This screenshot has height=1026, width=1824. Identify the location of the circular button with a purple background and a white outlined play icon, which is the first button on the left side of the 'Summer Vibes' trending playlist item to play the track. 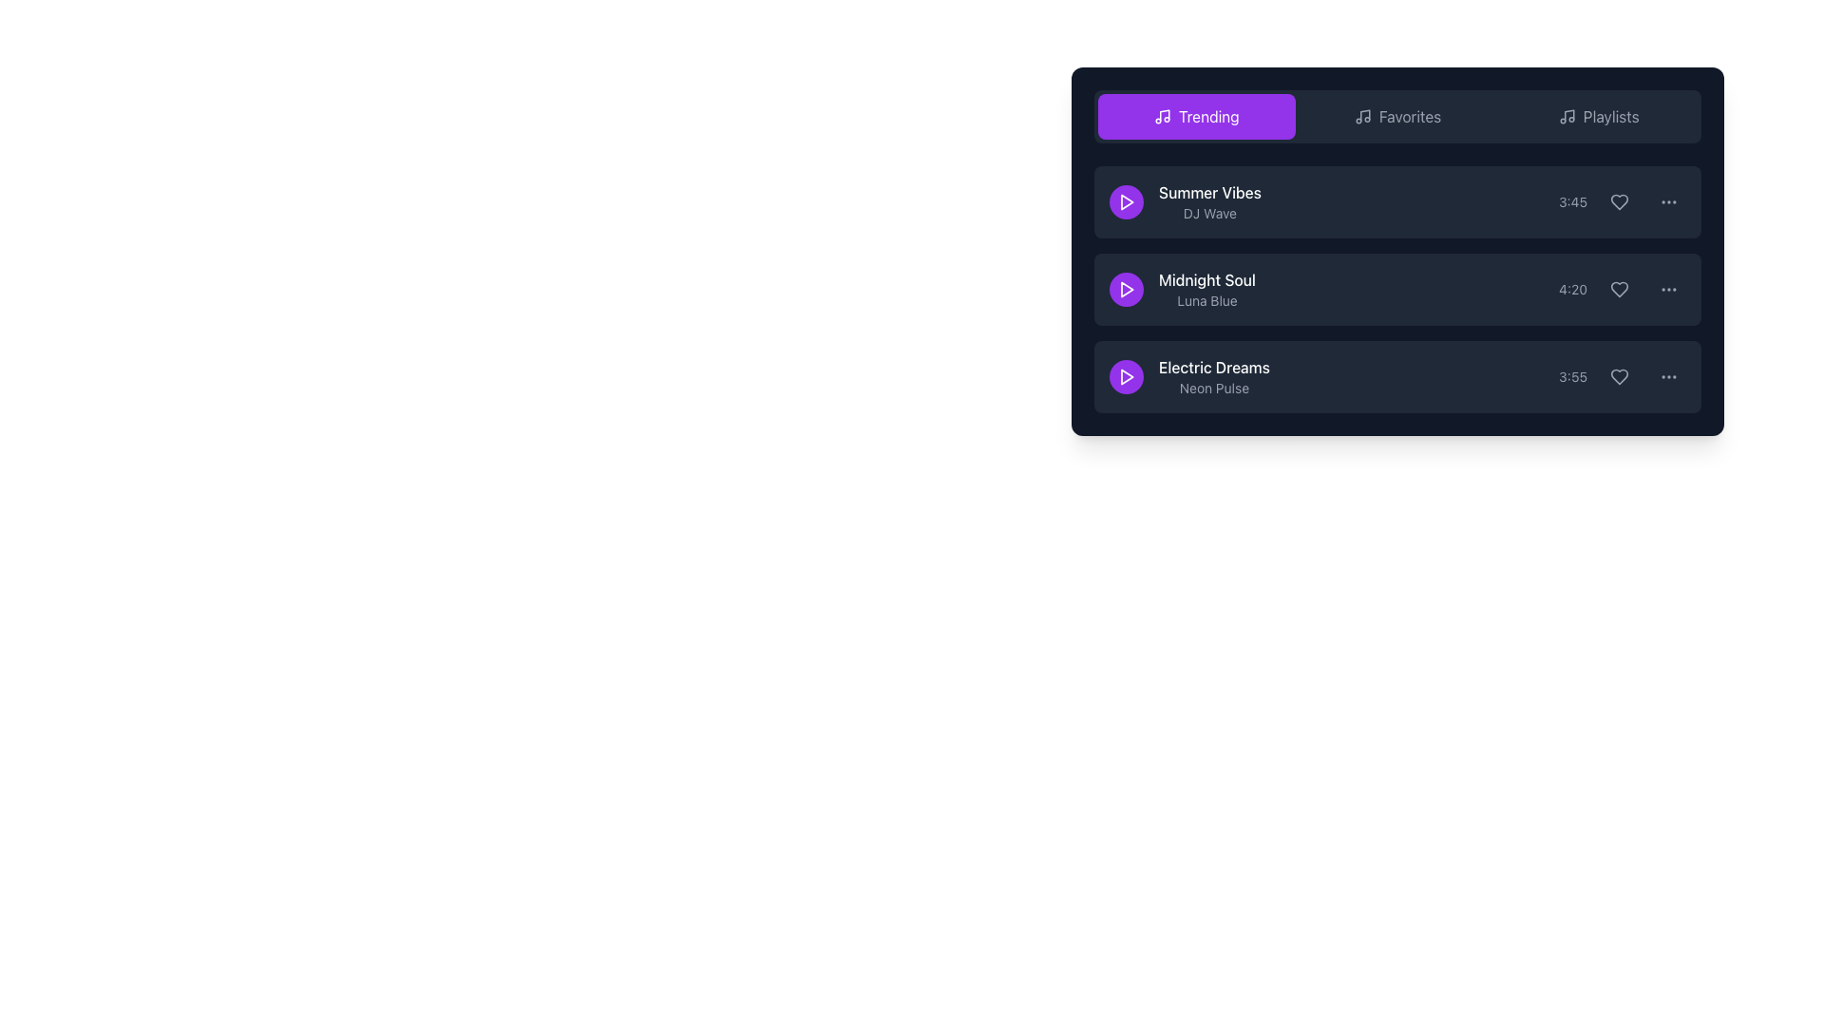
(1126, 201).